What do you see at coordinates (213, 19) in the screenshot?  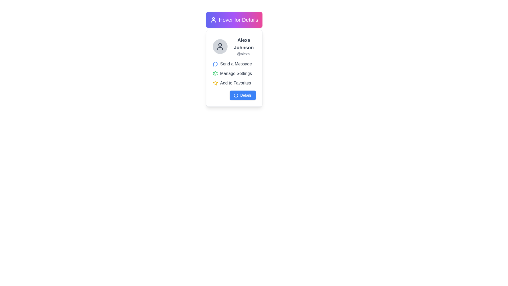 I see `the user silhouette icon with a gray outline, located inside the purple gradient rectangle that contains the text 'Hover for Details'` at bounding box center [213, 19].